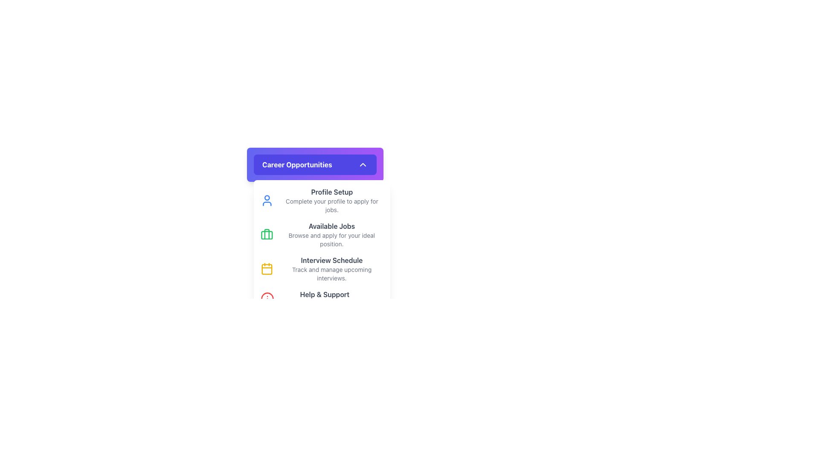 Image resolution: width=819 pixels, height=461 pixels. Describe the element at coordinates (331, 206) in the screenshot. I see `the informational text that provides guidance for completing a user profile, located below 'Profile Setup' in the 'Career Opportunities' section` at that location.